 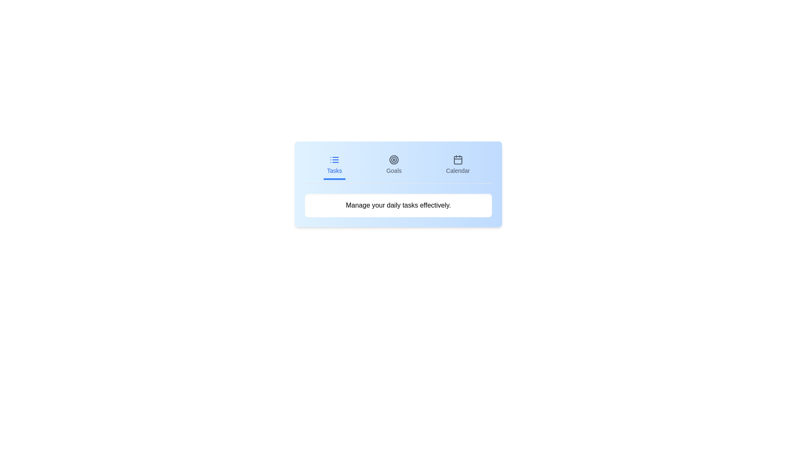 I want to click on the Goals tab by clicking on its title or icon, so click(x=393, y=166).